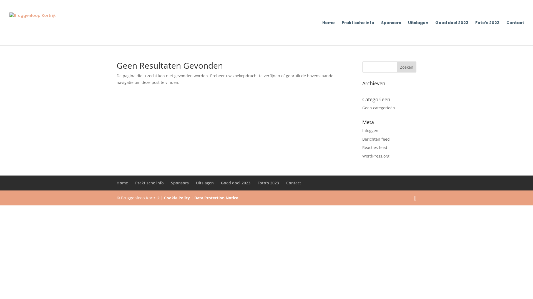  I want to click on 'Berichten feed', so click(376, 139).